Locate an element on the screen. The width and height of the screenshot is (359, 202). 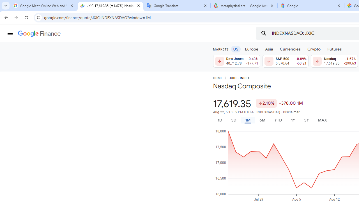
'5Y' is located at coordinates (306, 120).